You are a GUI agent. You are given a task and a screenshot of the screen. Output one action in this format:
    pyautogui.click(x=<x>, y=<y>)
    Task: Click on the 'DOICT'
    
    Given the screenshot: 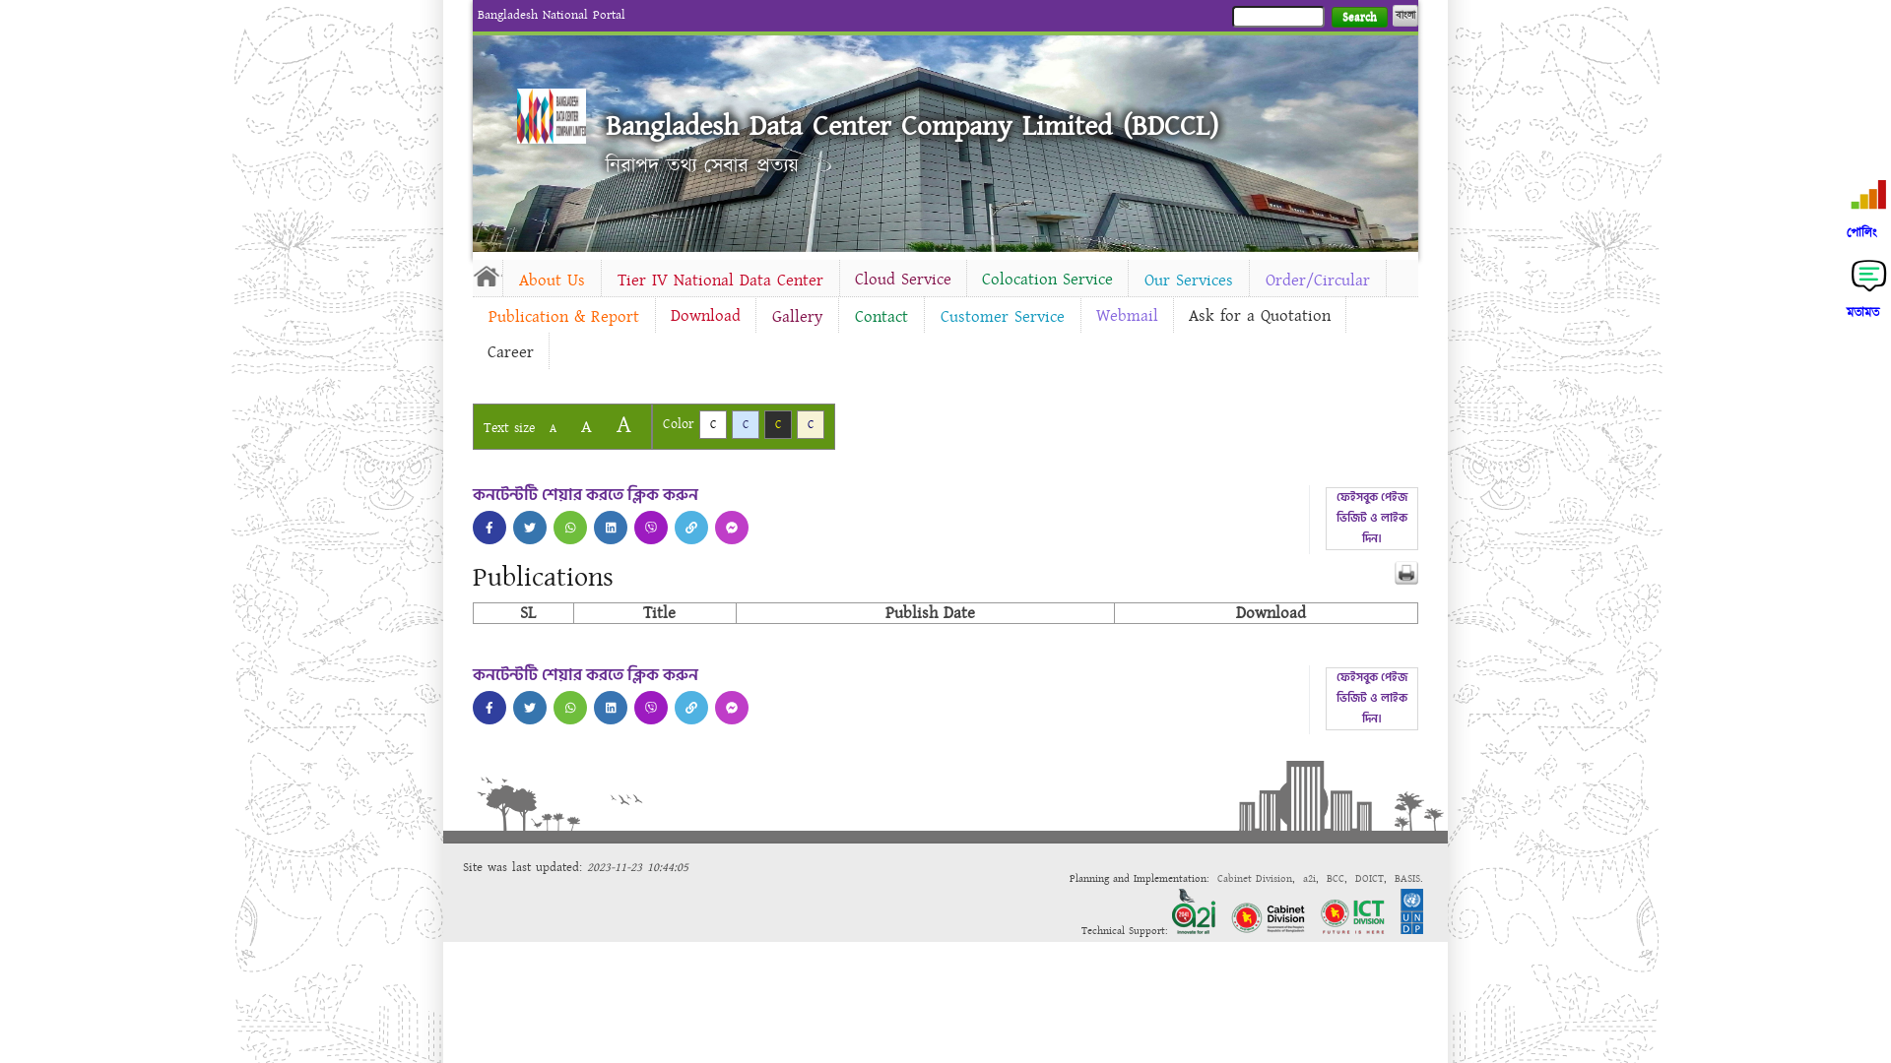 What is the action you would take?
    pyautogui.click(x=1368, y=877)
    